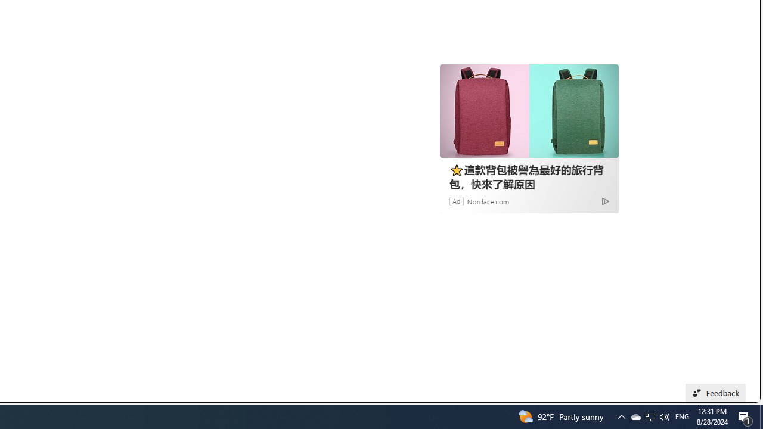 Image resolution: width=763 pixels, height=429 pixels. Describe the element at coordinates (605, 200) in the screenshot. I see `'Ad Choice'` at that location.